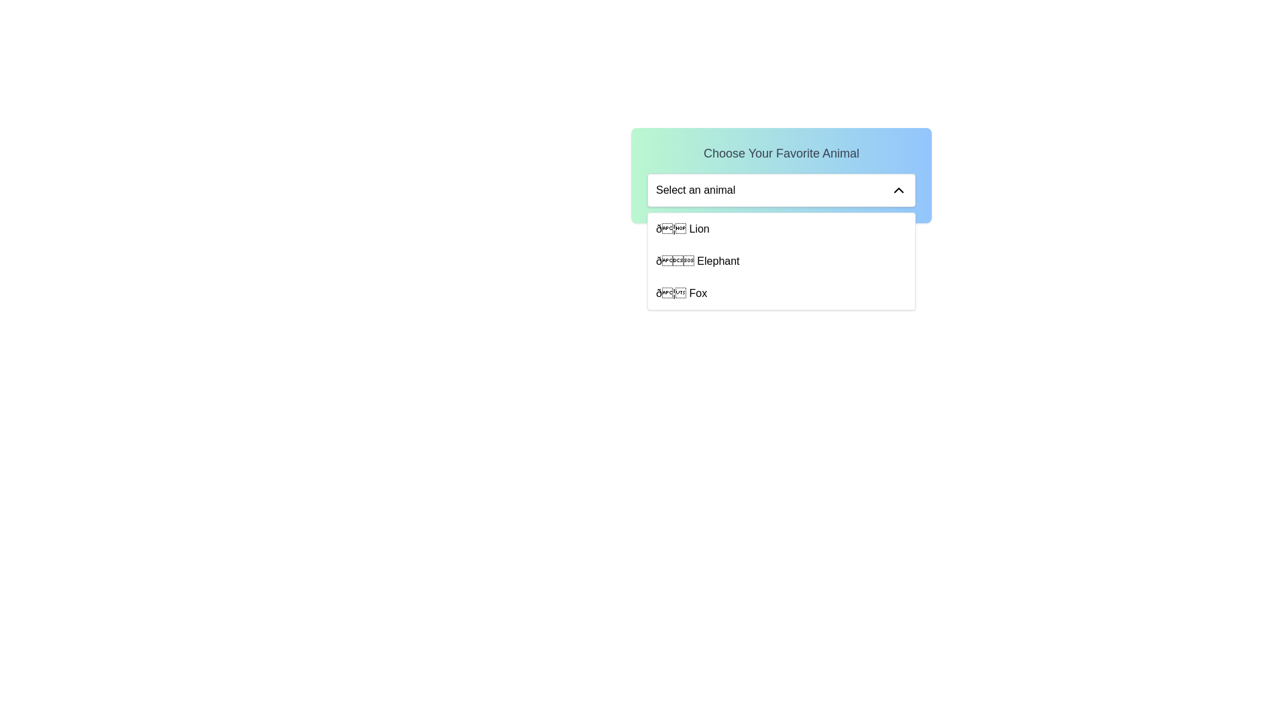 This screenshot has width=1288, height=724. Describe the element at coordinates (782, 293) in the screenshot. I see `the 'Fox' dropdown menu item, which is styled with padding and features a fox emoji followed by the word 'Fox'. It is the third option in the dropdown list and is positioned directly below the 'Elephant' option` at that location.